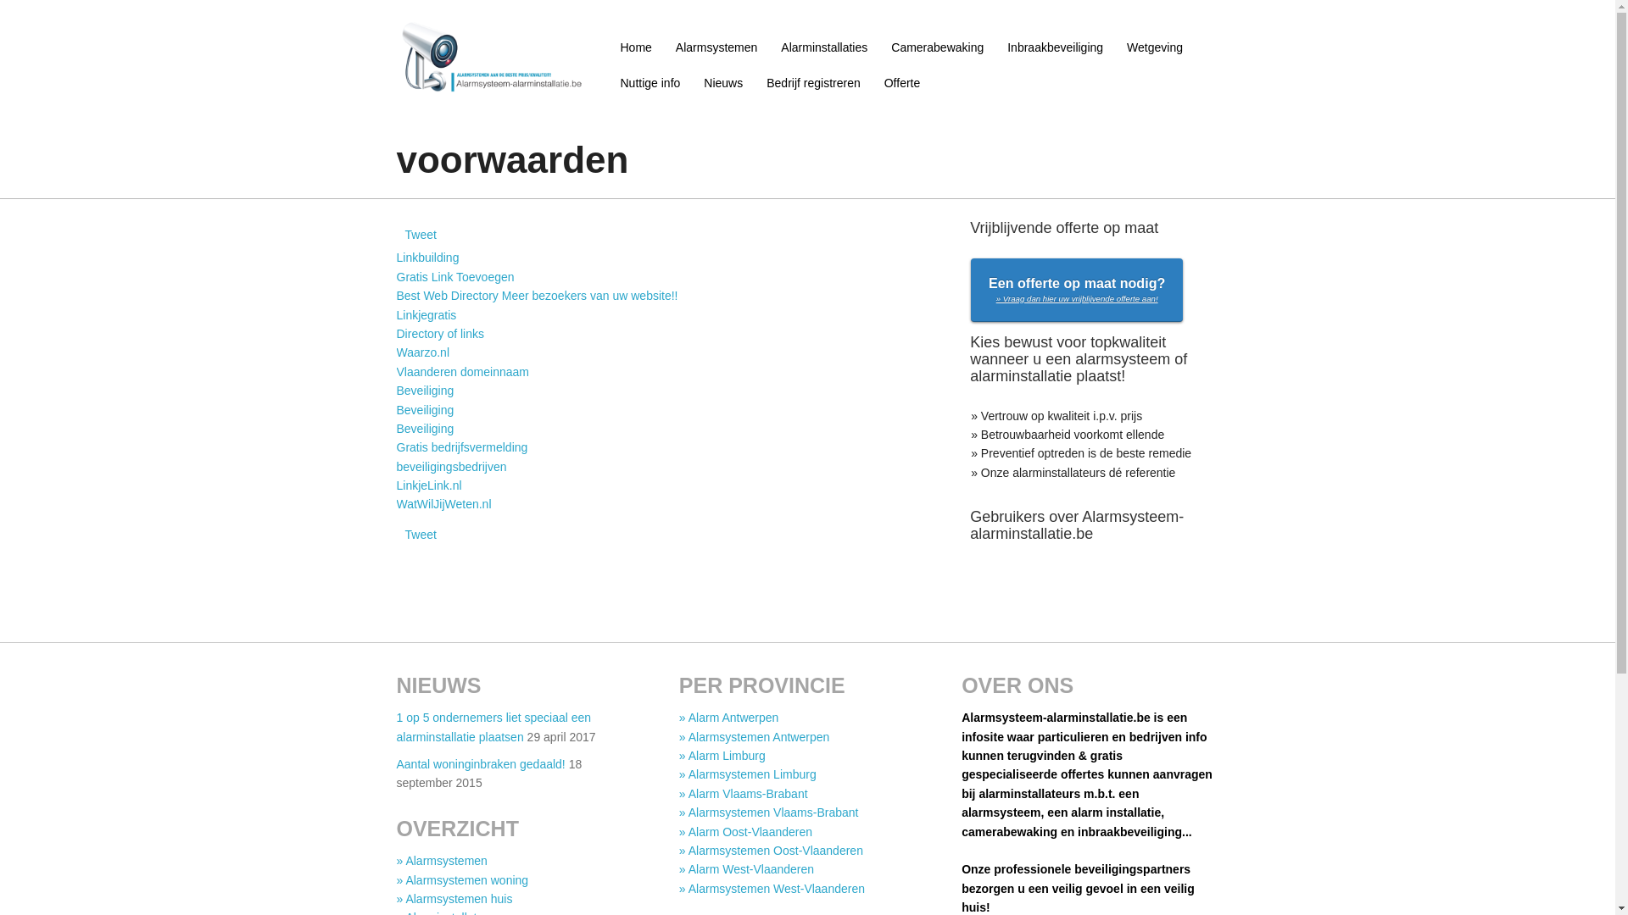  What do you see at coordinates (427, 258) in the screenshot?
I see `'Linkbuilding'` at bounding box center [427, 258].